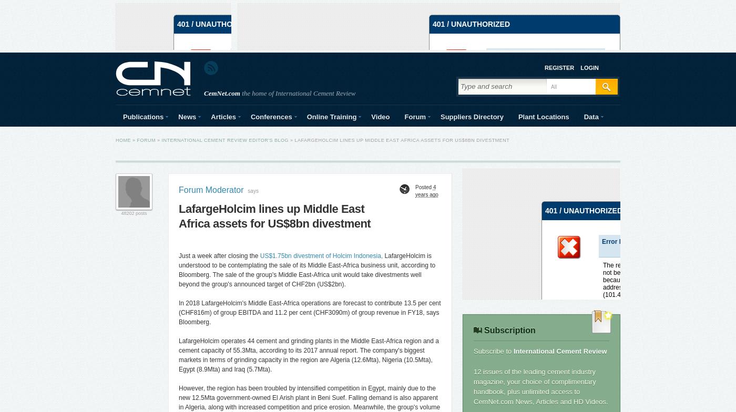  Describe the element at coordinates (298, 93) in the screenshot. I see `'the home of International Cement
                Review'` at that location.